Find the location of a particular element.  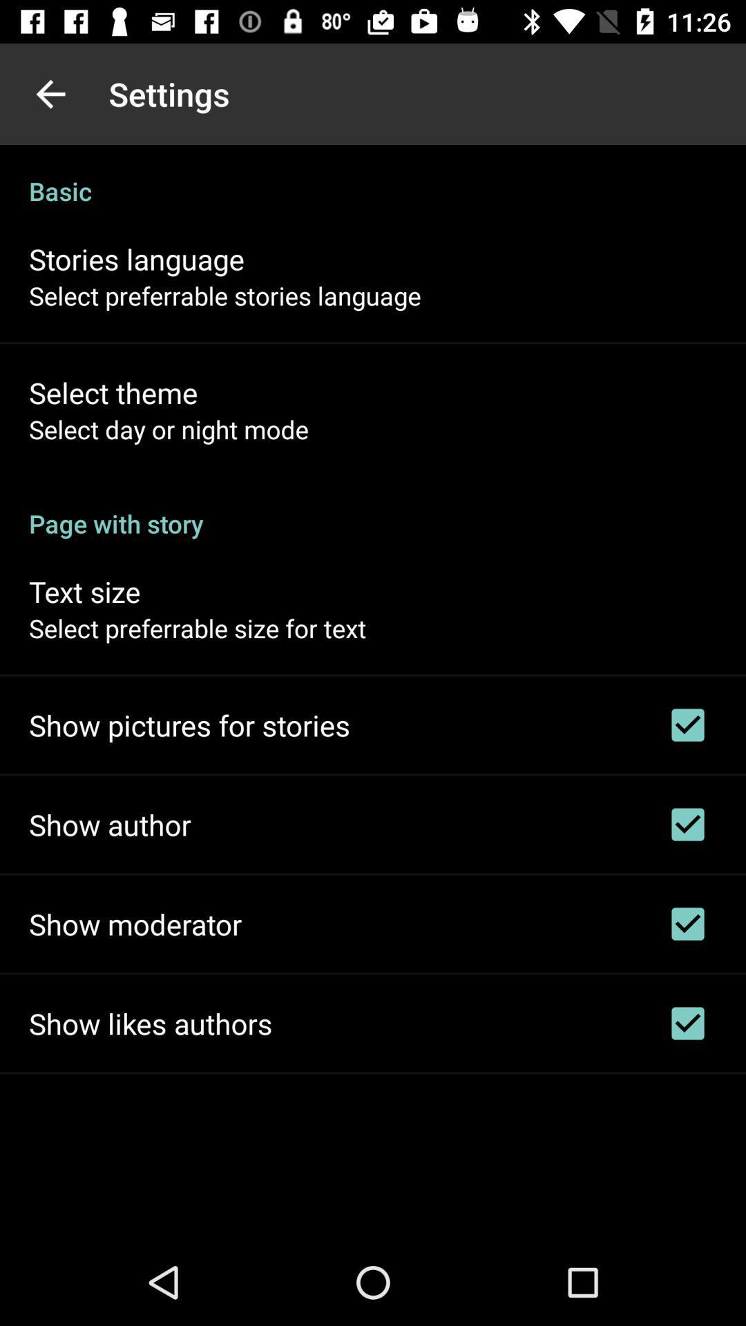

item above the stories language item is located at coordinates (373, 175).